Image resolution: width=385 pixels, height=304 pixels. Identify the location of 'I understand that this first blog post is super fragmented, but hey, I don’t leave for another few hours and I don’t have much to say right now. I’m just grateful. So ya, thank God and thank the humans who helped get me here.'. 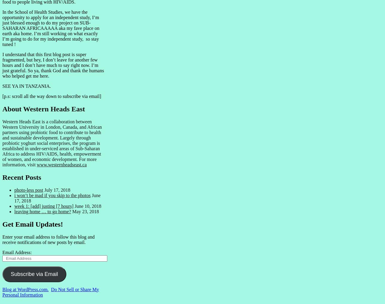
(2, 65).